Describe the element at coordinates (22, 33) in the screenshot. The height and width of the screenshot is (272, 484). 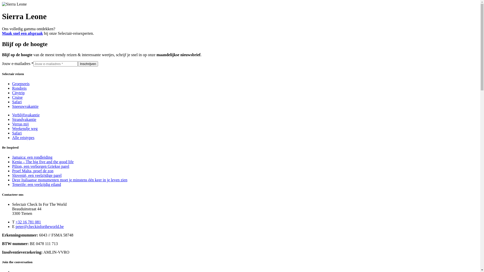
I see `'Maak snel een afspraak'` at that location.